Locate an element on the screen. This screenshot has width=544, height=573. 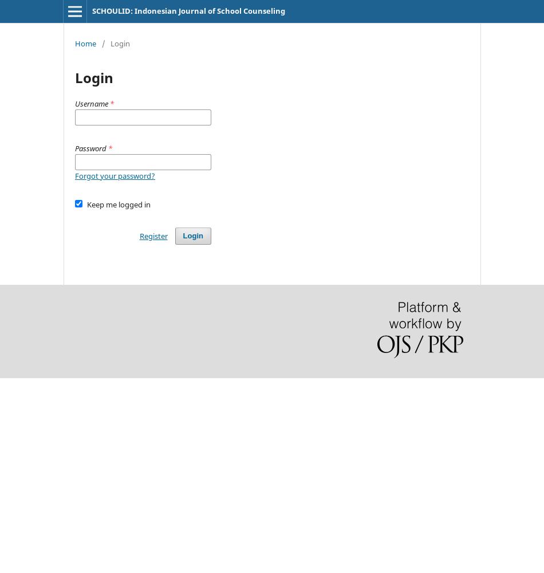
'Forgot your password?' is located at coordinates (115, 176).